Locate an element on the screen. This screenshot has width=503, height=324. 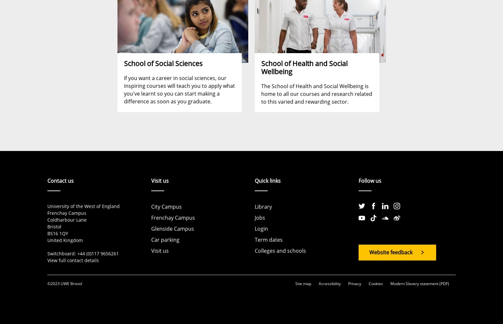
'BS16 1QY' is located at coordinates (47, 233).